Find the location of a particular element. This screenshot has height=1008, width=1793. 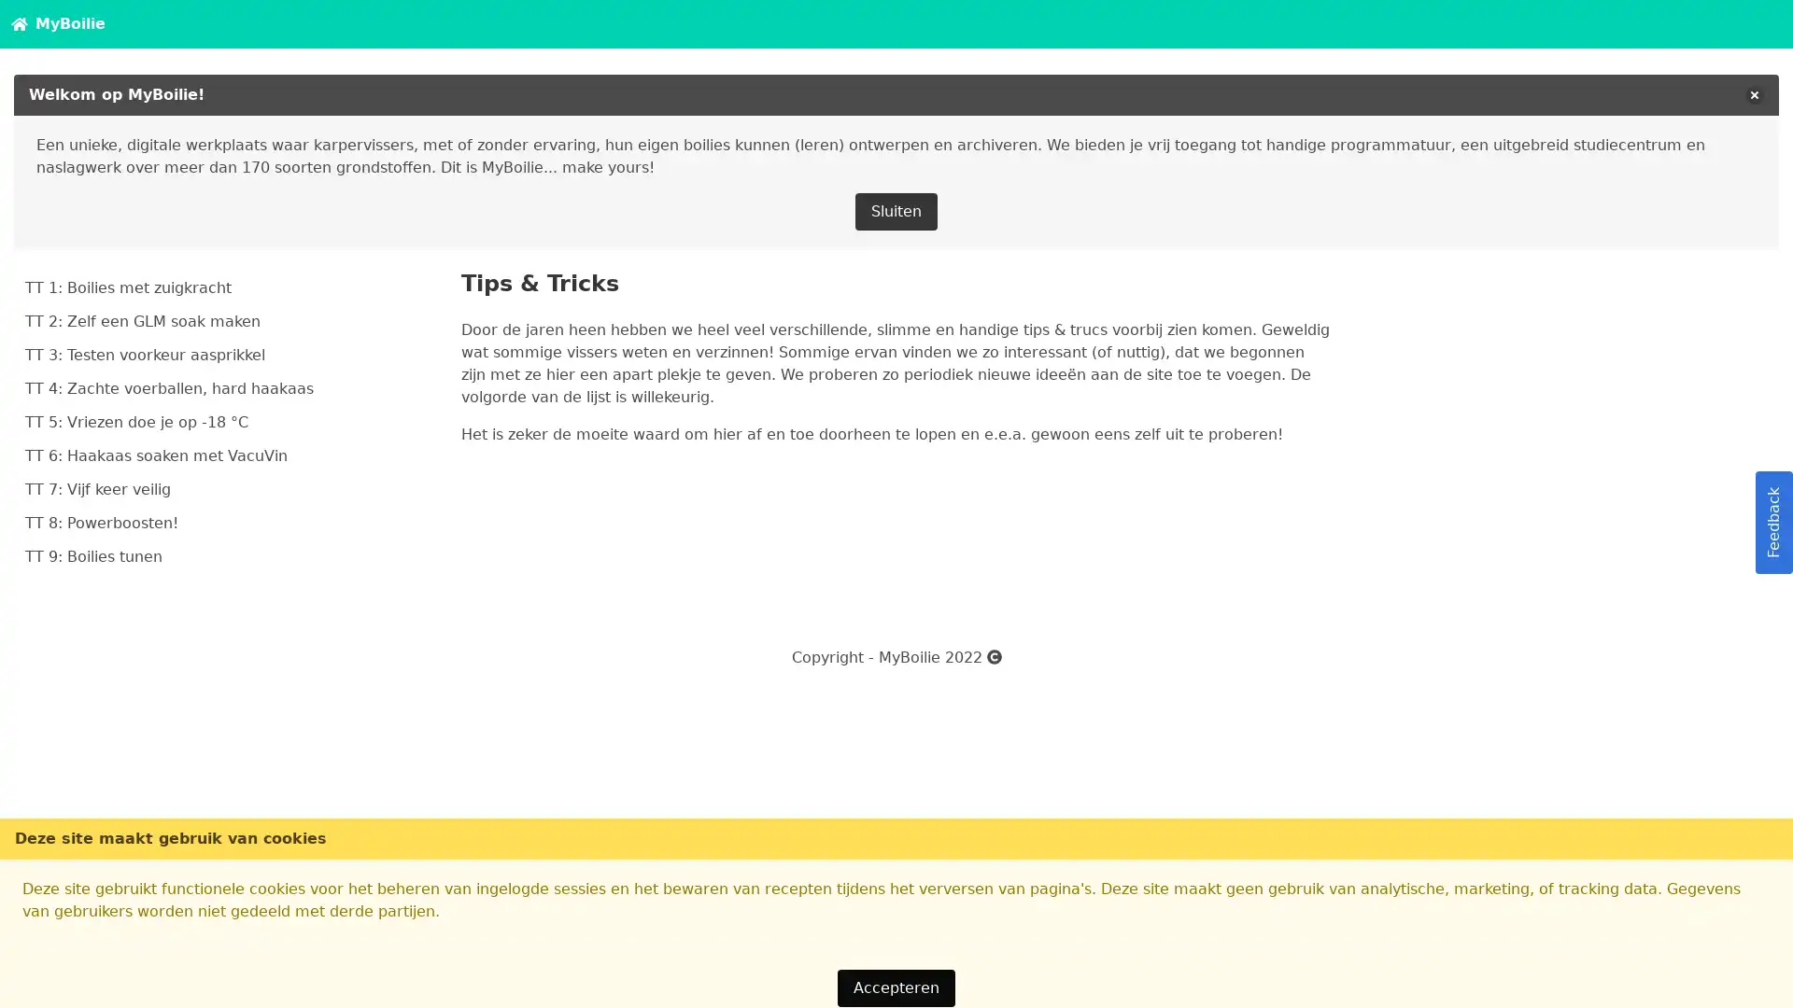

Accepteren is located at coordinates (896, 987).